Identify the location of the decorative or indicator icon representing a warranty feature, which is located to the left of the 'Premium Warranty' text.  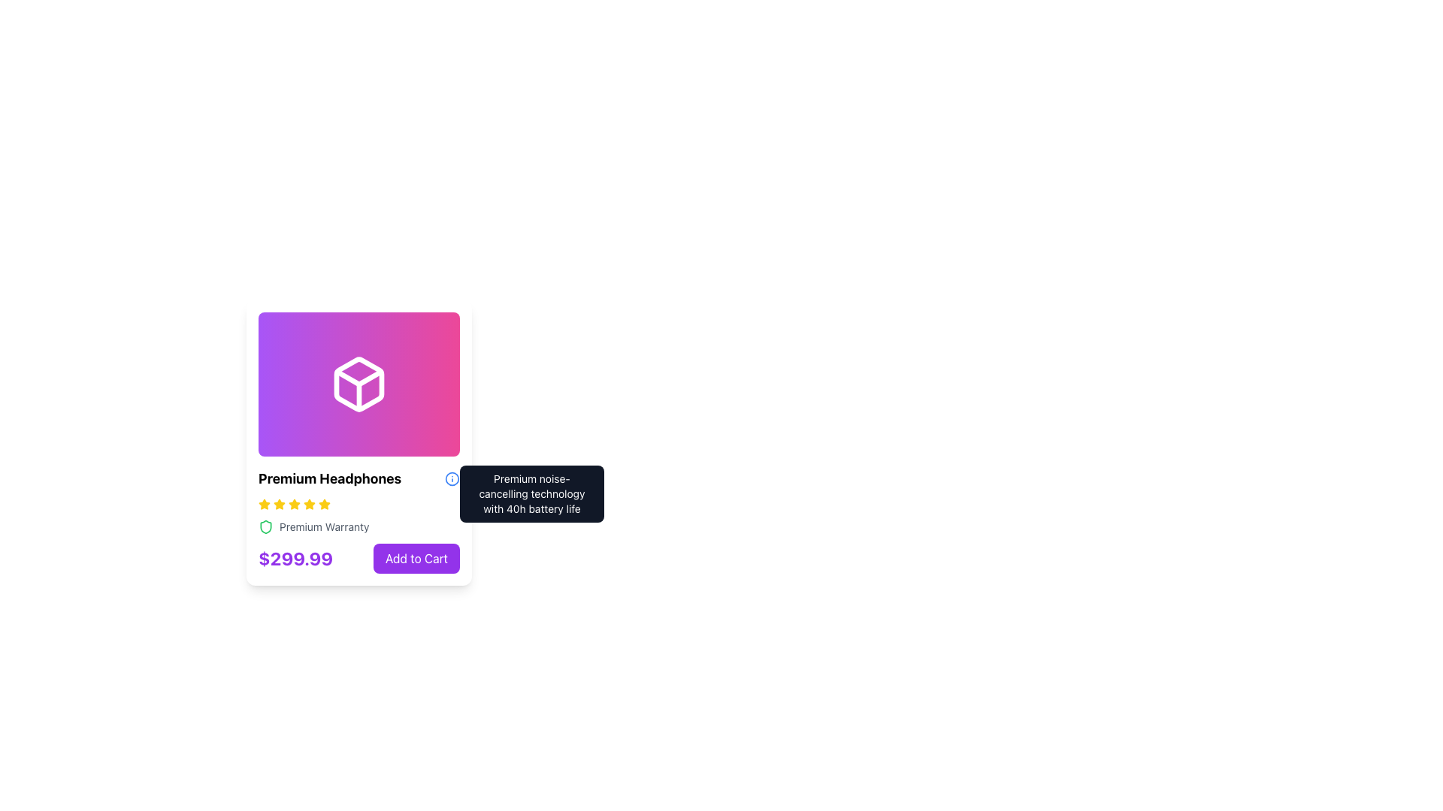
(266, 526).